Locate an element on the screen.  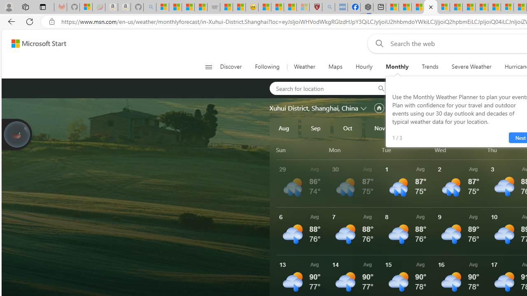
'Feb' is located at coordinates (476, 128).